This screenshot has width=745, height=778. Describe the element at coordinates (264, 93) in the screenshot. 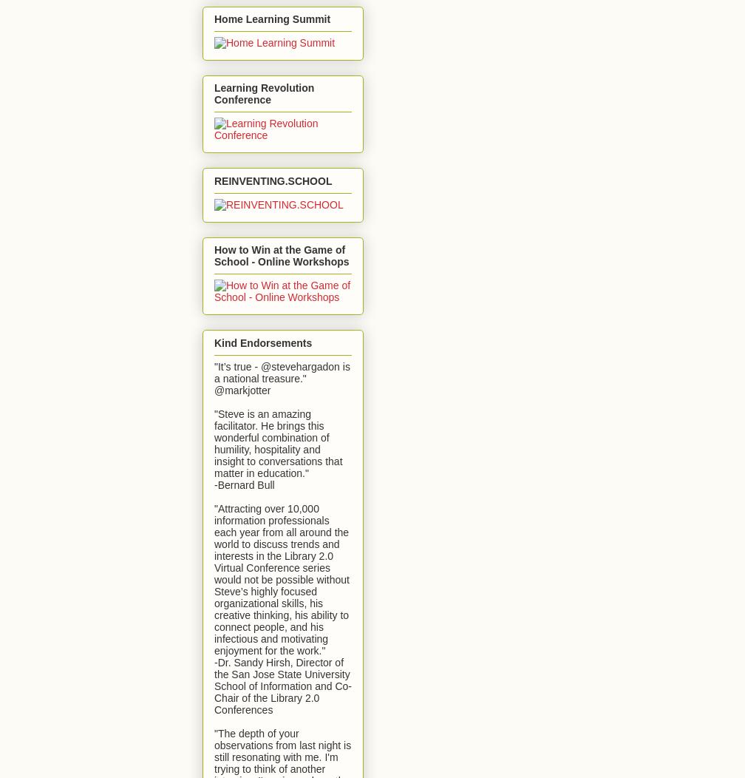

I see `'Learning Revolution Conference'` at that location.